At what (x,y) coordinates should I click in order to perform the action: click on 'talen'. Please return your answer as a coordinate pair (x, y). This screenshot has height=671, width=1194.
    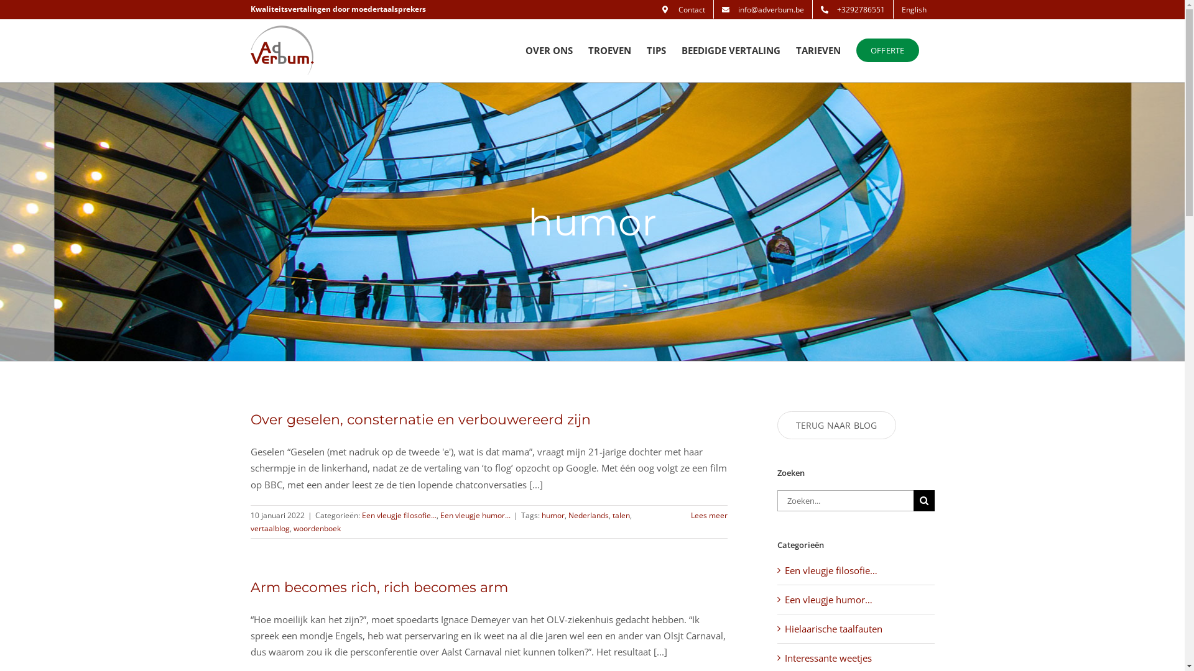
    Looking at the image, I should click on (621, 515).